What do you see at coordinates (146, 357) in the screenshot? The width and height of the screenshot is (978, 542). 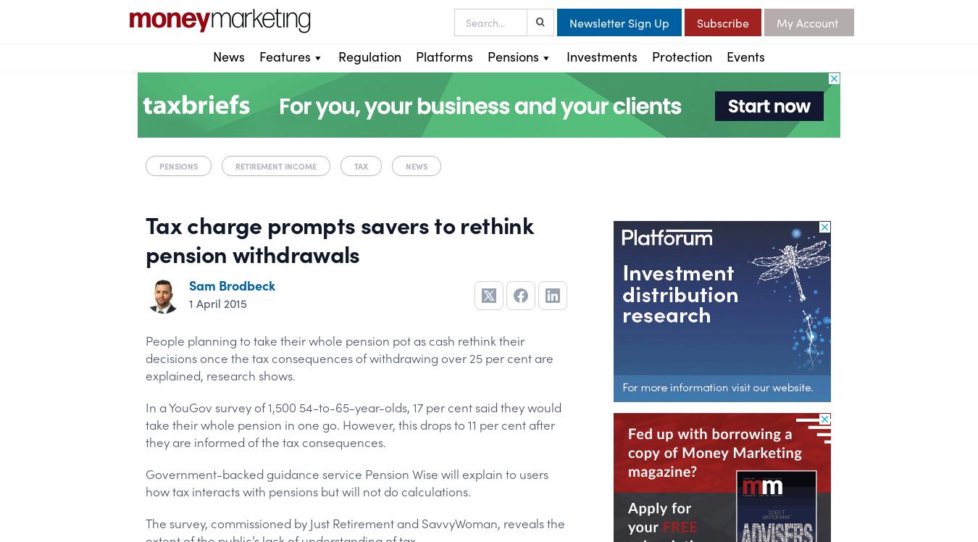 I see `'People planning to take their whole pension pot as cash rethink their decisions once the tax consequences of withdrawing over 25 per cent are explained, research shows.'` at bounding box center [146, 357].